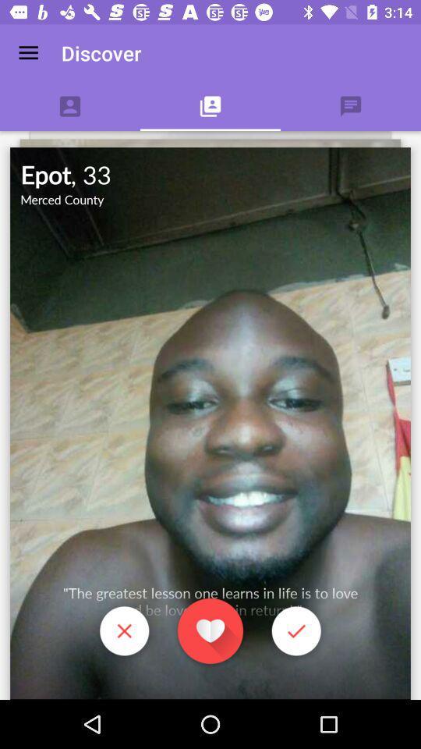 This screenshot has width=421, height=749. I want to click on the close icon, so click(123, 633).